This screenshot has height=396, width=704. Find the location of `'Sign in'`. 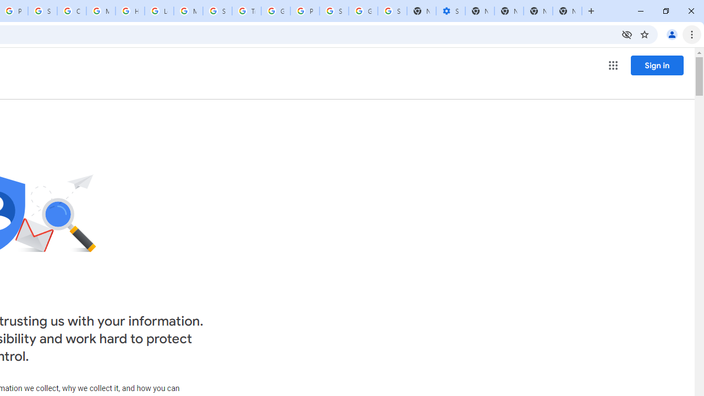

'Sign in' is located at coordinates (657, 65).